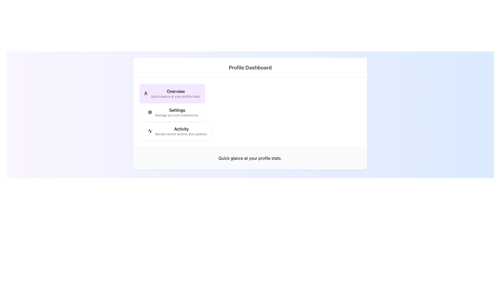 The image size is (501, 282). What do you see at coordinates (177, 110) in the screenshot?
I see `the 'Settings' text label, which serves as a title for the section, positioned above the 'Manage account preferences' text in the vertical menu layout` at bounding box center [177, 110].